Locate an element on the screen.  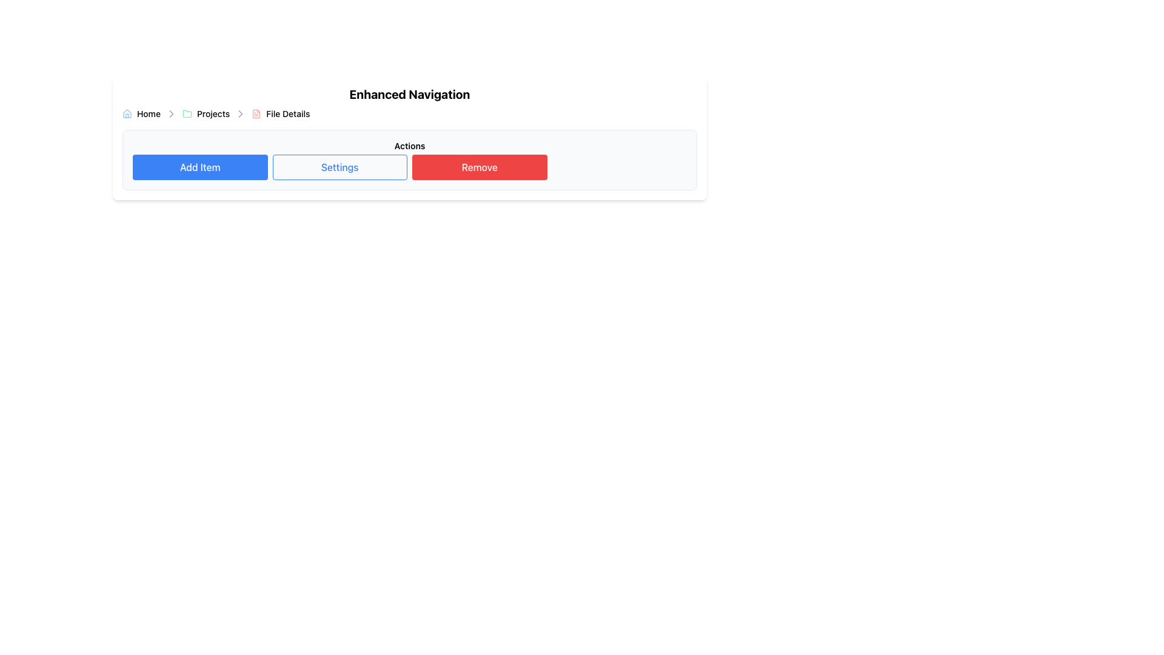
the chevron icon in the breadcrumb navigation bar that separates 'Projects' and 'File Details' is located at coordinates (171, 114).